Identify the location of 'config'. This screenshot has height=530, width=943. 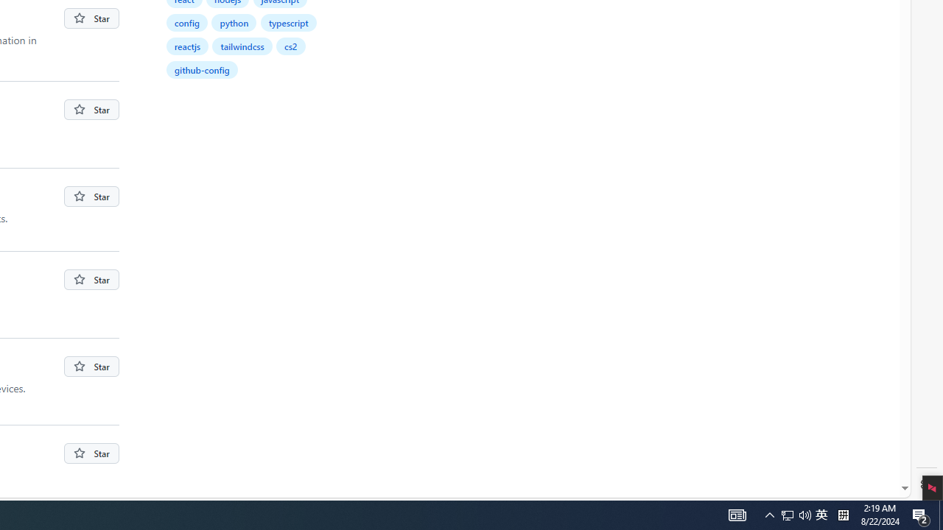
(186, 22).